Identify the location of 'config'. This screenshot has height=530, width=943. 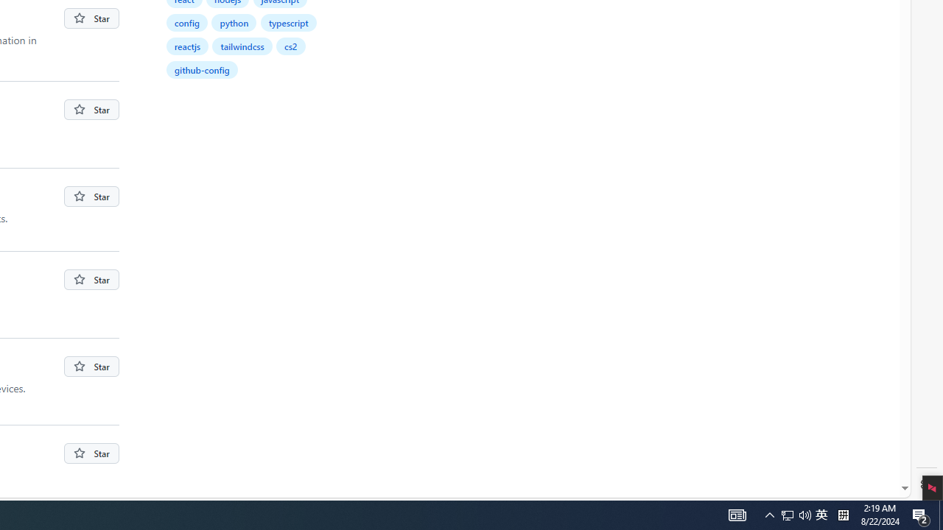
(186, 22).